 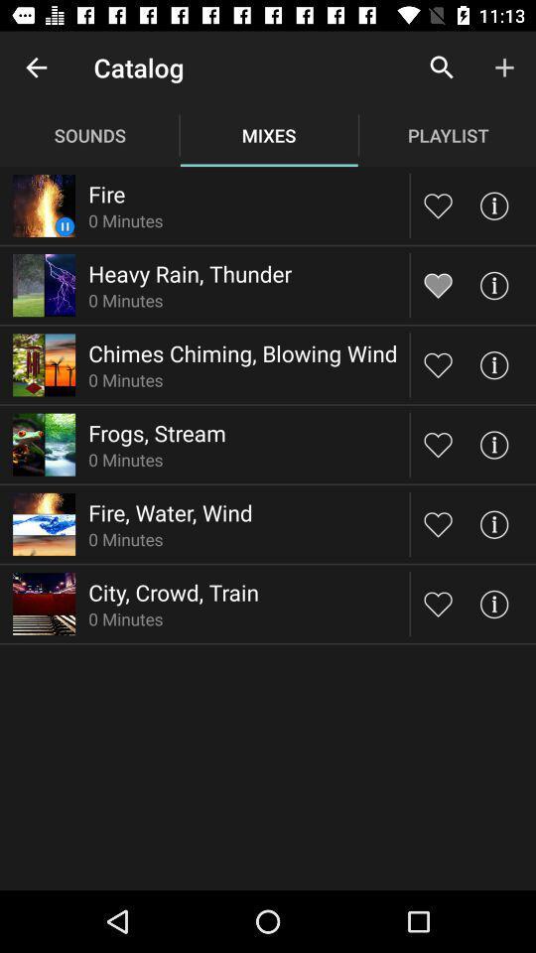 I want to click on heart, so click(x=438, y=284).